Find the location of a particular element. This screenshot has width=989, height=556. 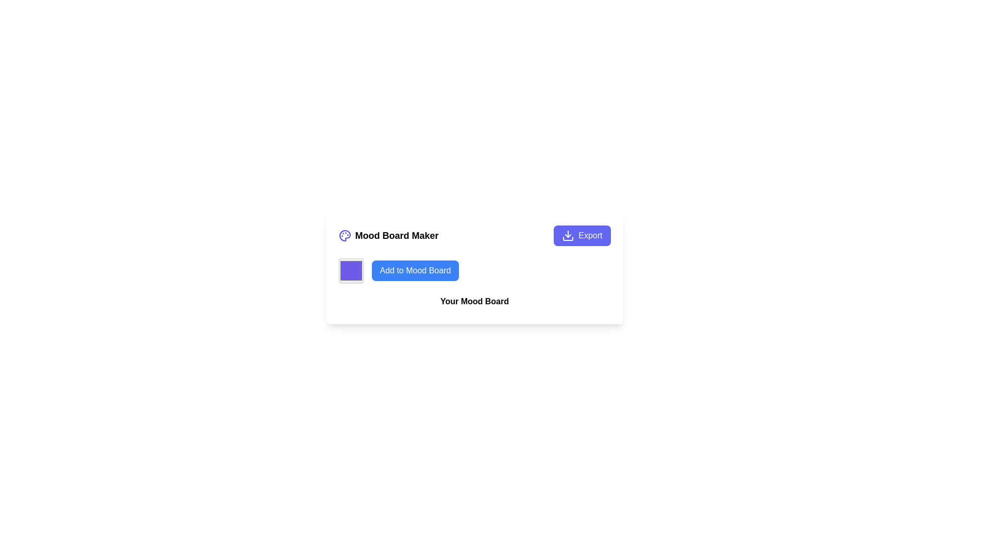

the icon resembling a palette with circular cutouts located in the top left section of the interface is located at coordinates (345, 236).